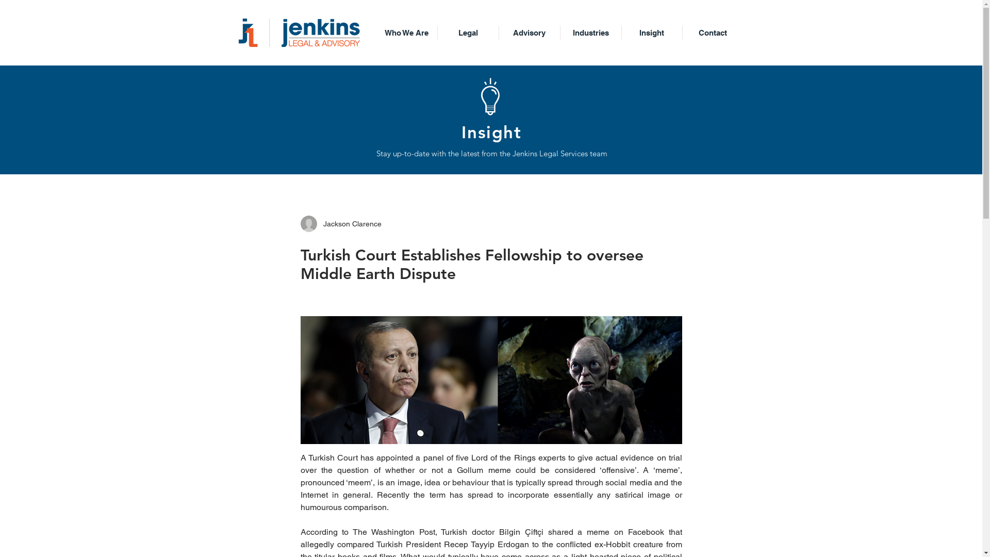 The height and width of the screenshot is (557, 990). What do you see at coordinates (530, 32) in the screenshot?
I see `'Advisory'` at bounding box center [530, 32].